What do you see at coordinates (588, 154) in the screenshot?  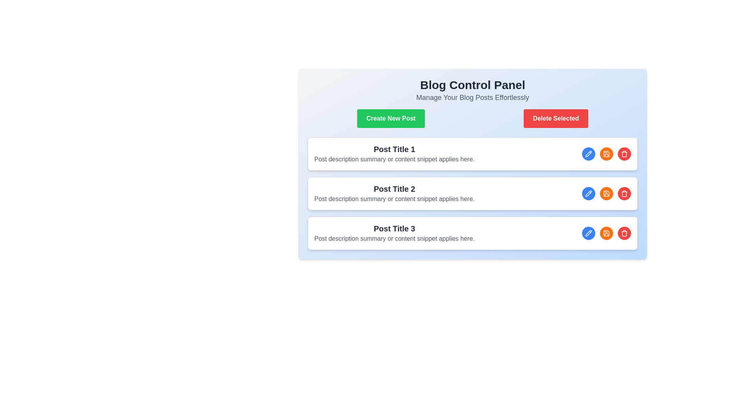 I see `the pencil icon button within the blue circular button, located in the second list item of the blog post actions` at bounding box center [588, 154].